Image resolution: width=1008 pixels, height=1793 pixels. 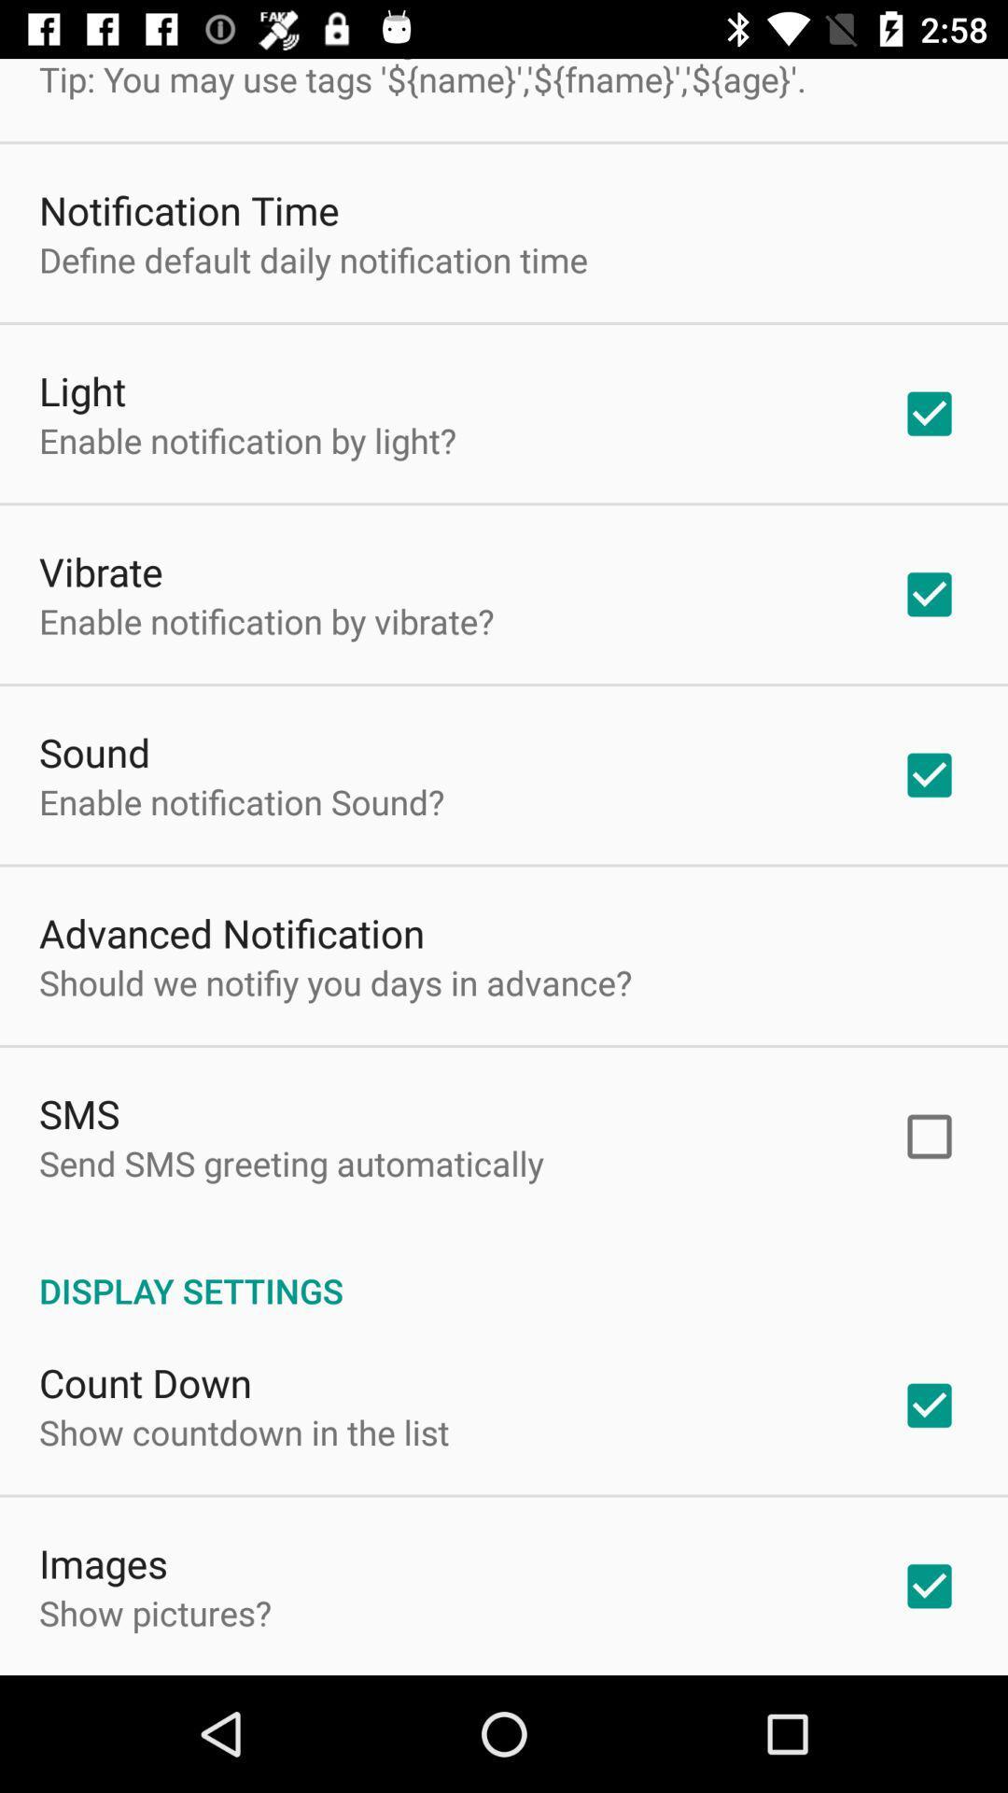 What do you see at coordinates (104, 1563) in the screenshot?
I see `images app` at bounding box center [104, 1563].